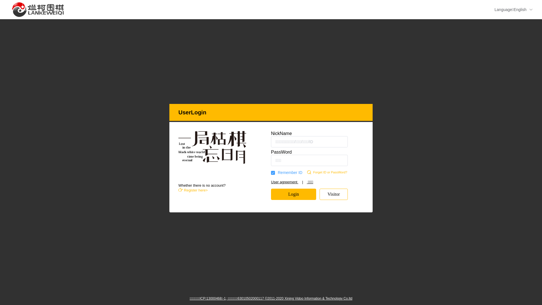 Image resolution: width=542 pixels, height=305 pixels. Describe the element at coordinates (333, 194) in the screenshot. I see `'Visitor'` at that location.